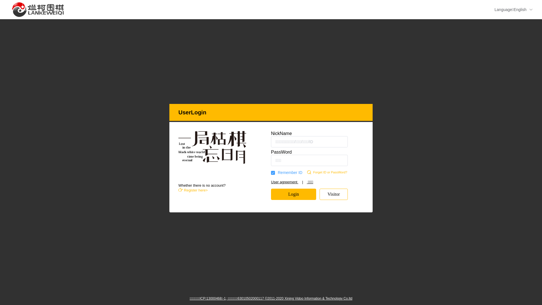 Image resolution: width=542 pixels, height=305 pixels. Describe the element at coordinates (333, 194) in the screenshot. I see `'Visitor'` at that location.